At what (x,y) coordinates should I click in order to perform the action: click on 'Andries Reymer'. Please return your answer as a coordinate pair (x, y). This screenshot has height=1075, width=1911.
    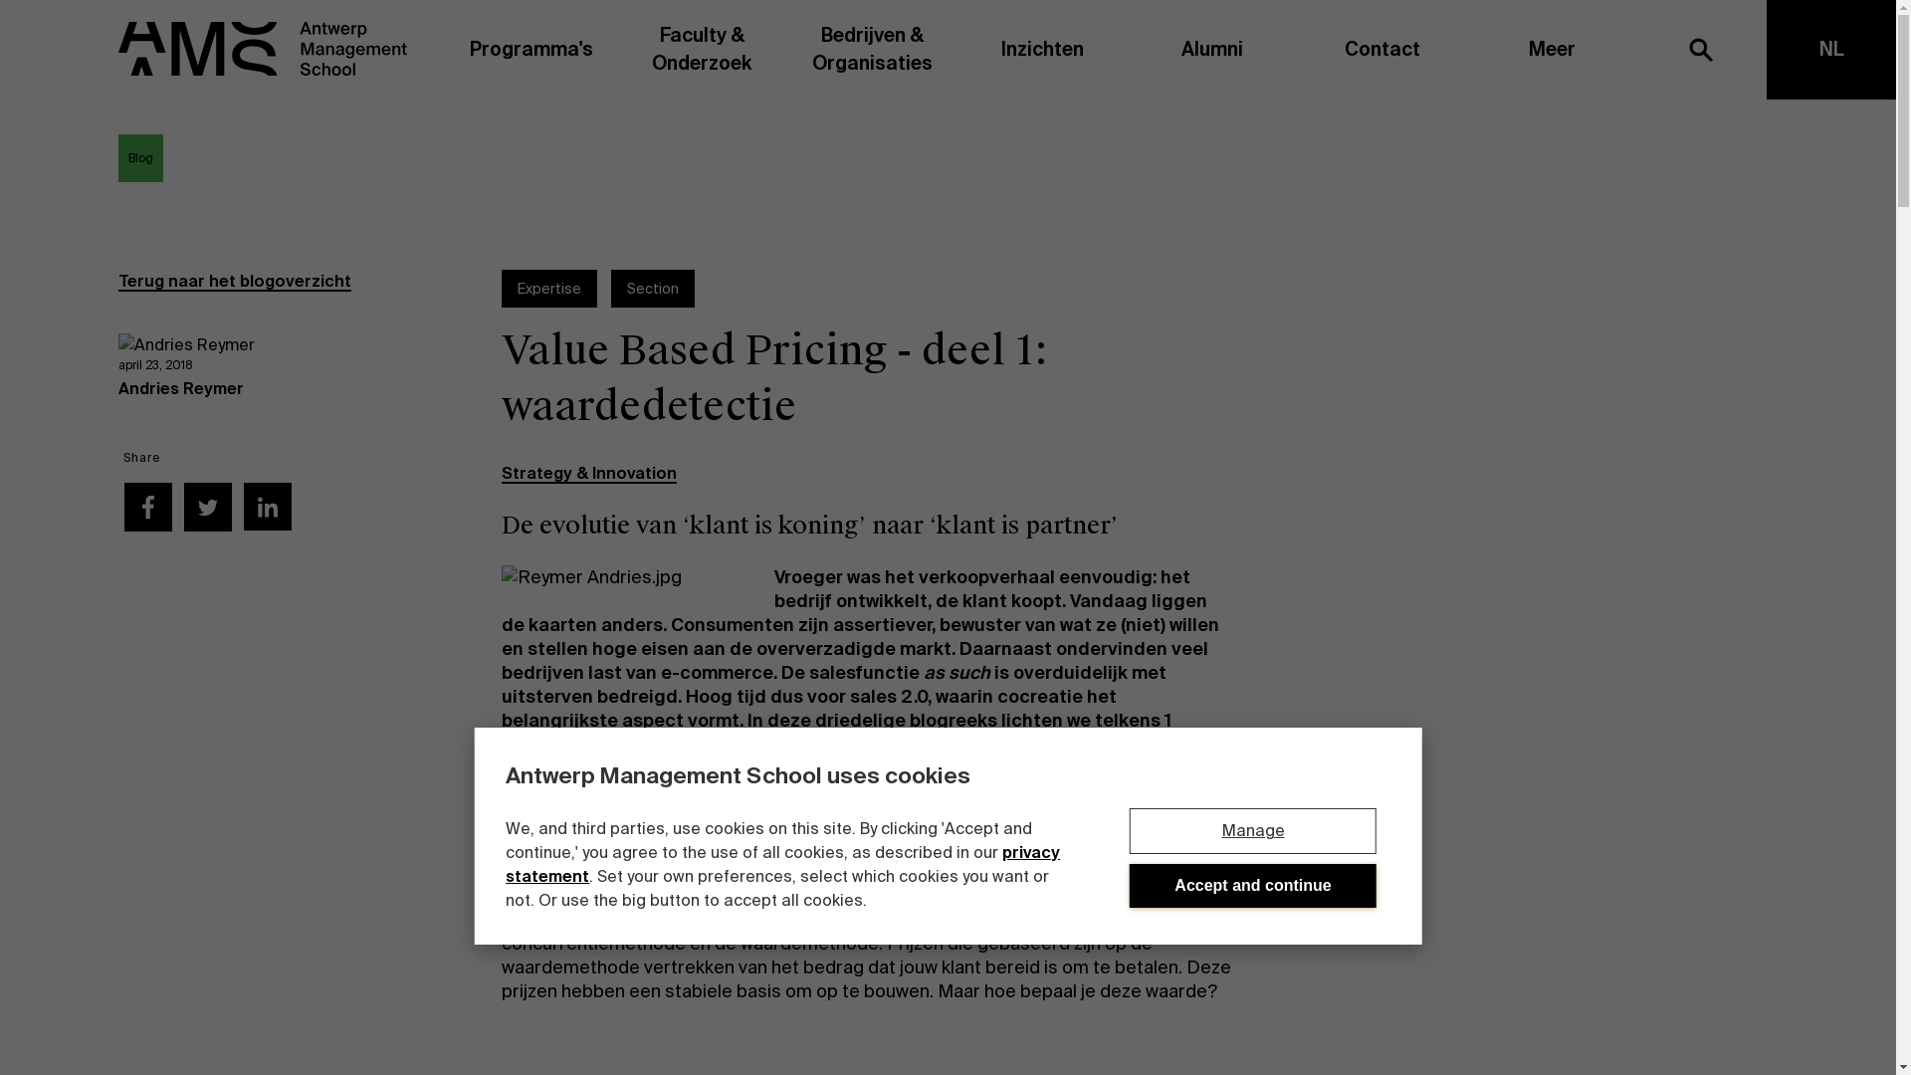
    Looking at the image, I should click on (181, 388).